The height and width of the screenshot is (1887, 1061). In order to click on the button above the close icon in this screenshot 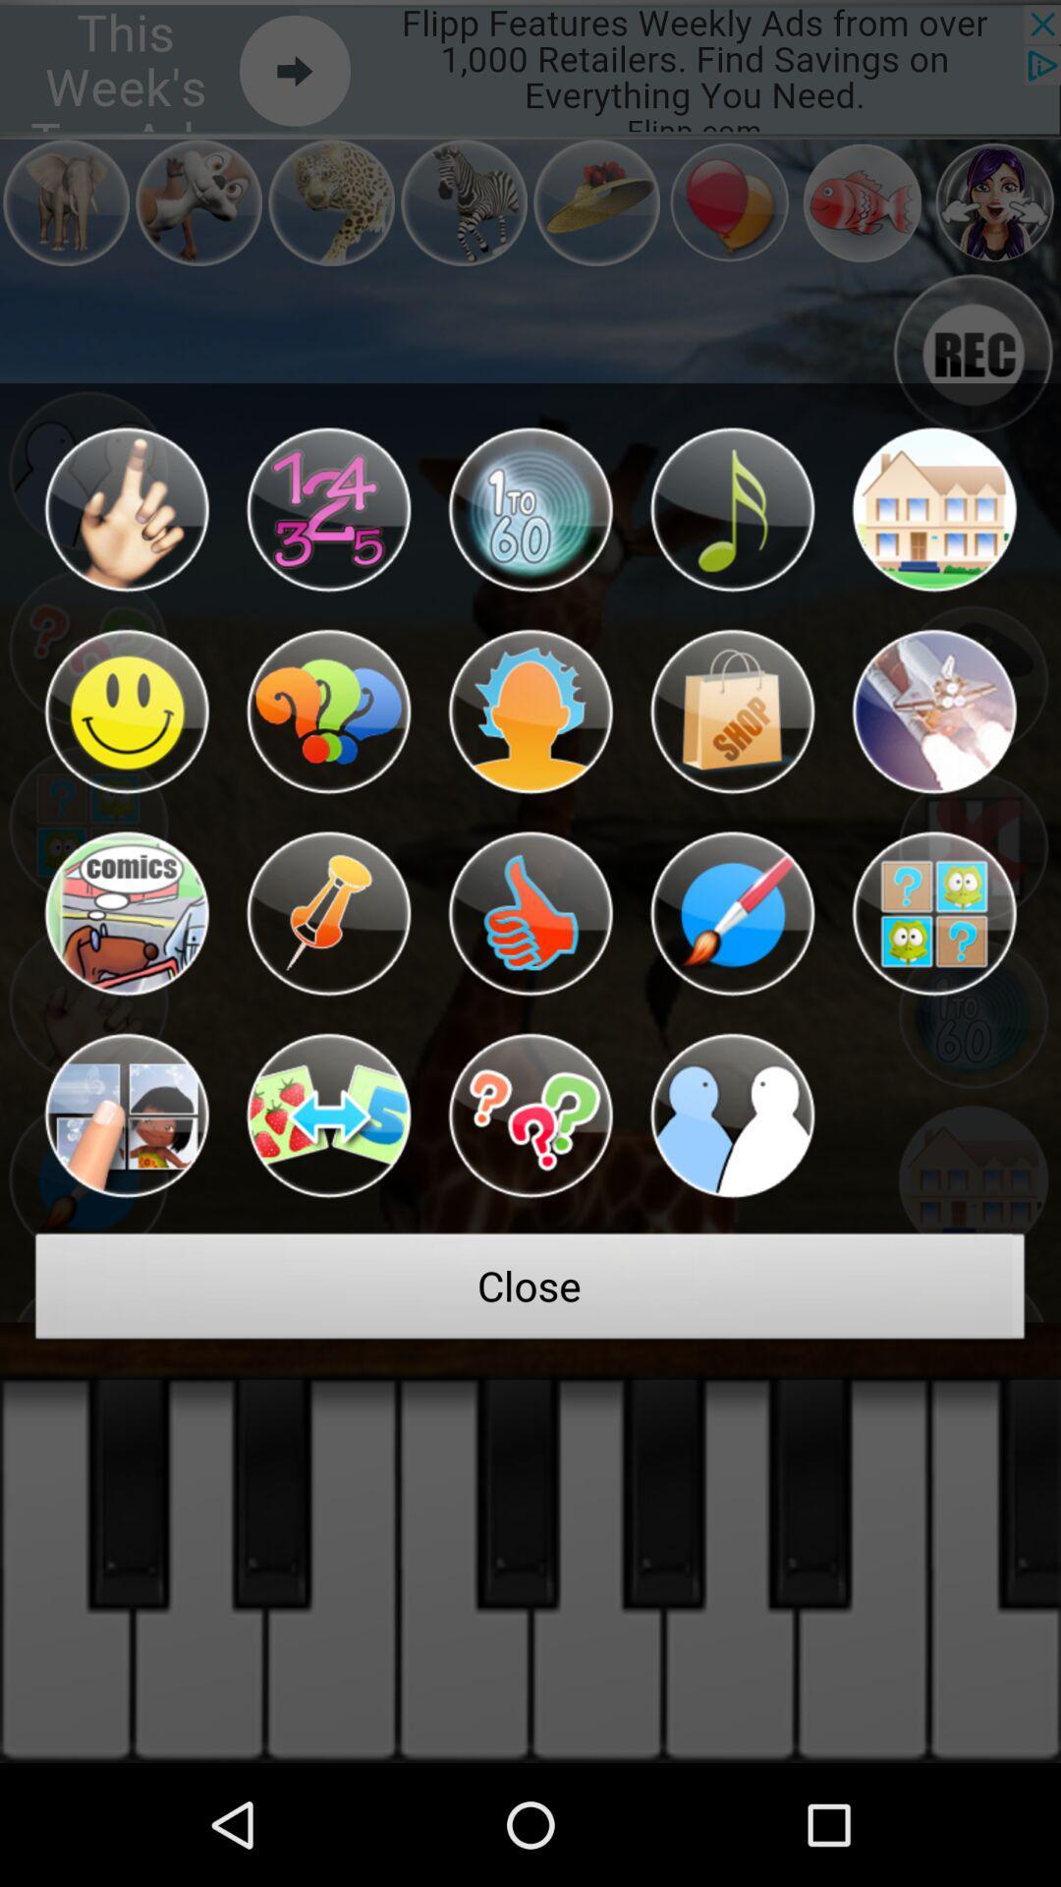, I will do `click(126, 1115)`.